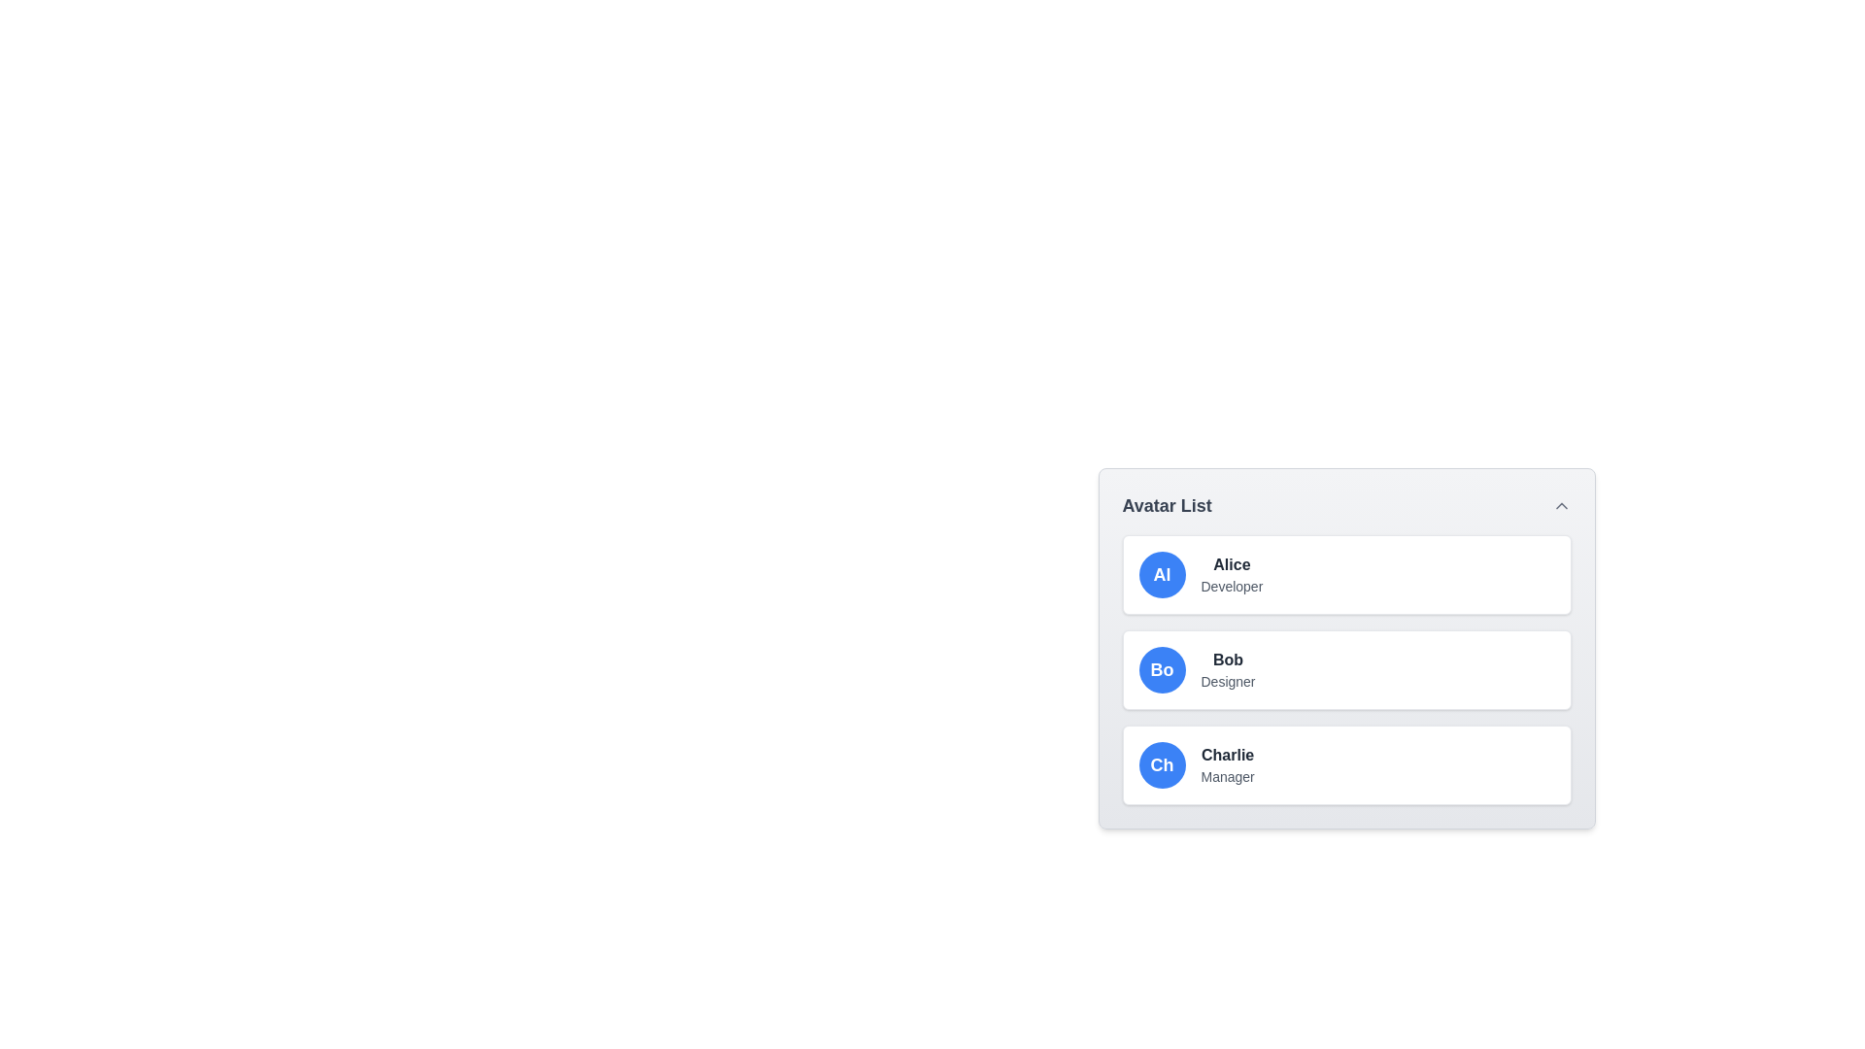  What do you see at coordinates (1345, 669) in the screenshot?
I see `the profile card for user 'Bob', who is a 'Designer', located as the second card in a vertical list of three profiles` at bounding box center [1345, 669].